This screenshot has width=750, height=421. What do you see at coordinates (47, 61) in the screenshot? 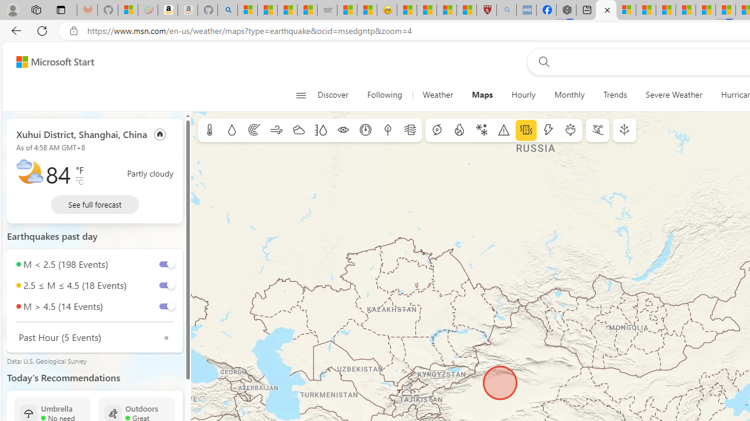
I see `'Skip to footer'` at bounding box center [47, 61].